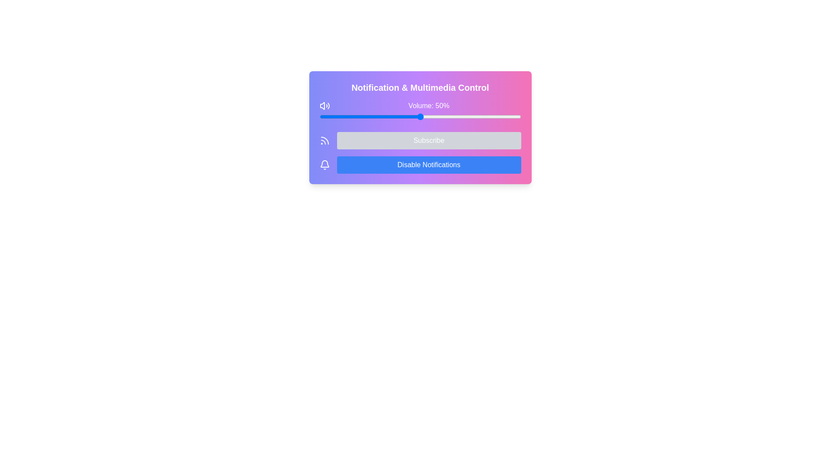  I want to click on the volume slider, so click(397, 116).